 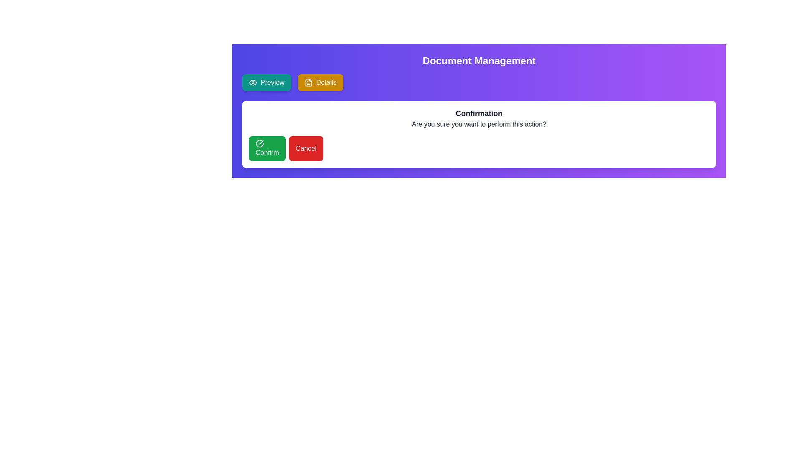 I want to click on the 'Details' button located in the horizontal toolbar under 'Document Management' to trigger visual feedback, so click(x=320, y=82).